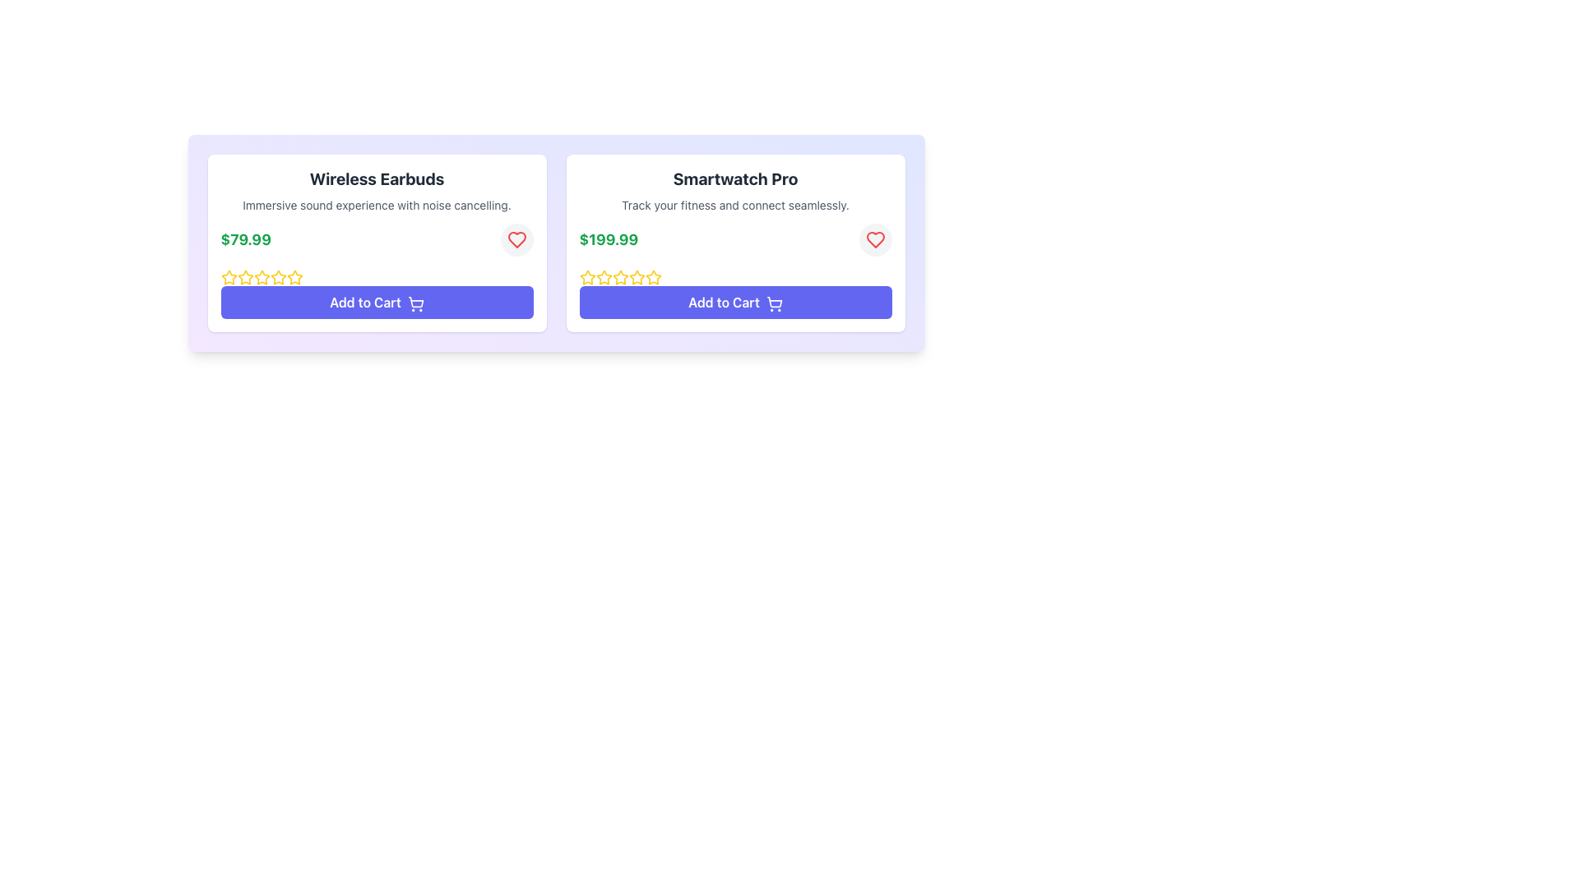 The image size is (1579, 888). I want to click on the first star in the five-star rating system on the 'Smartwatch Pro' card to provide one-star feedback, so click(587, 276).